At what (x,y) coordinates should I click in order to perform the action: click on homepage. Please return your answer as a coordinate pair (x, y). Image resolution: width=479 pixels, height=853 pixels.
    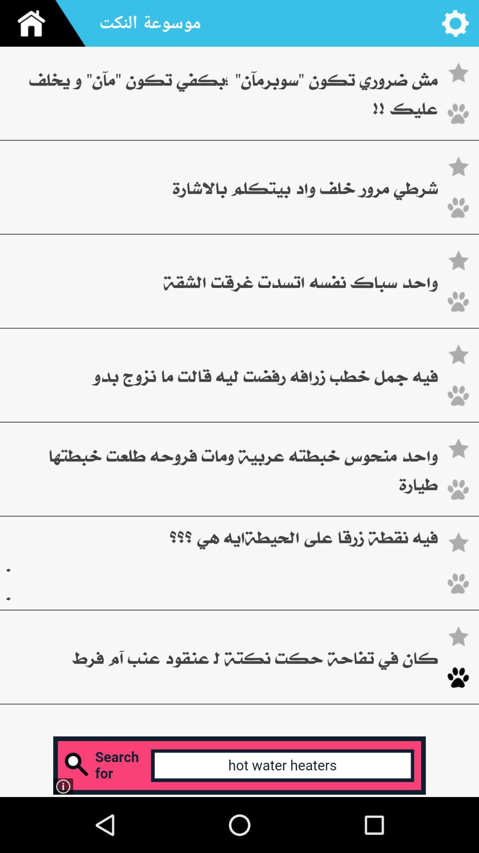
    Looking at the image, I should click on (46, 23).